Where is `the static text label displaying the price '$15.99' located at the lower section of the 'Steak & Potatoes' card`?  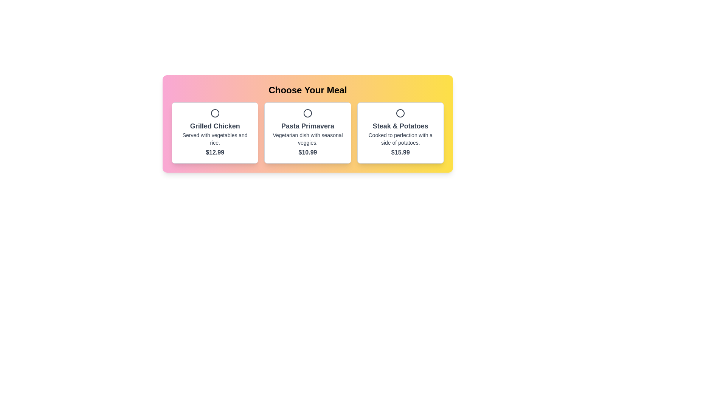 the static text label displaying the price '$15.99' located at the lower section of the 'Steak & Potatoes' card is located at coordinates (400, 153).